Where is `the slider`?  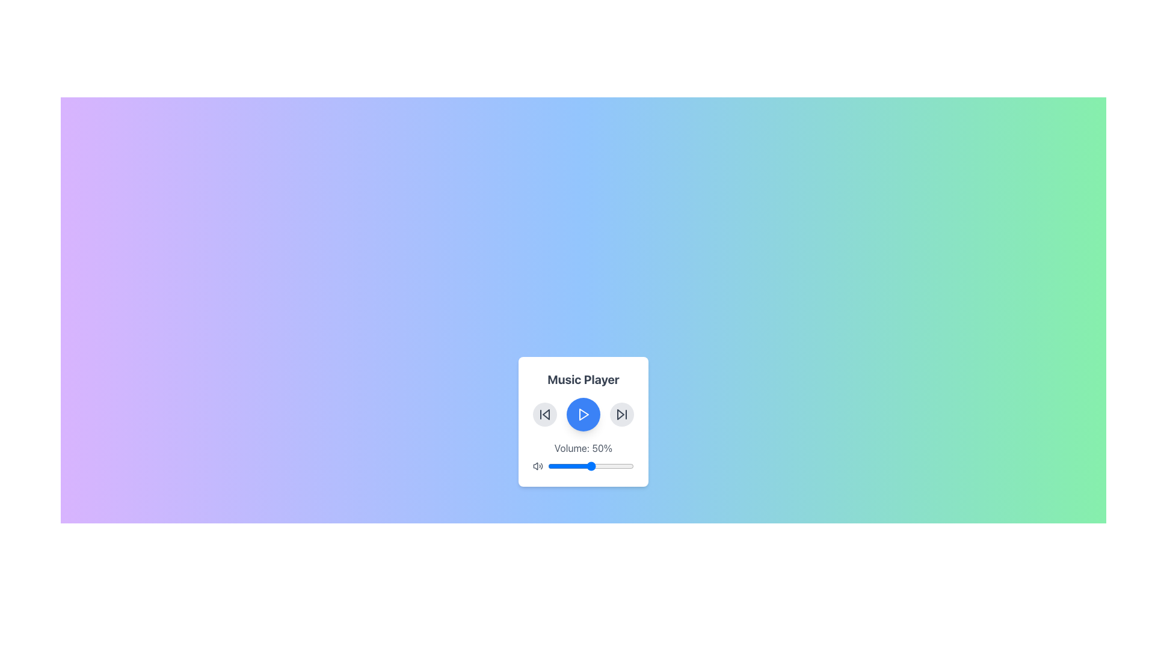 the slider is located at coordinates (571, 465).